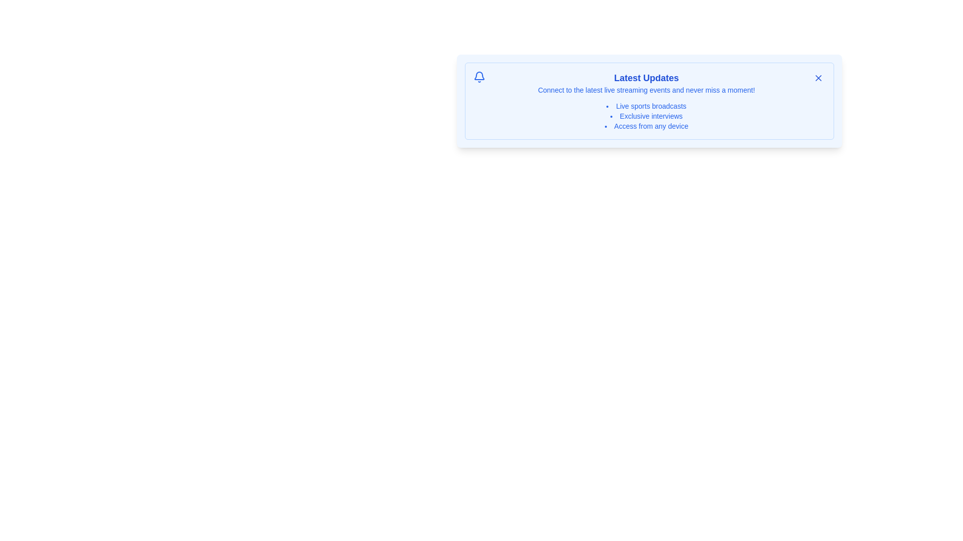 The width and height of the screenshot is (963, 541). Describe the element at coordinates (819, 77) in the screenshot. I see `the close button to hide the notification` at that location.